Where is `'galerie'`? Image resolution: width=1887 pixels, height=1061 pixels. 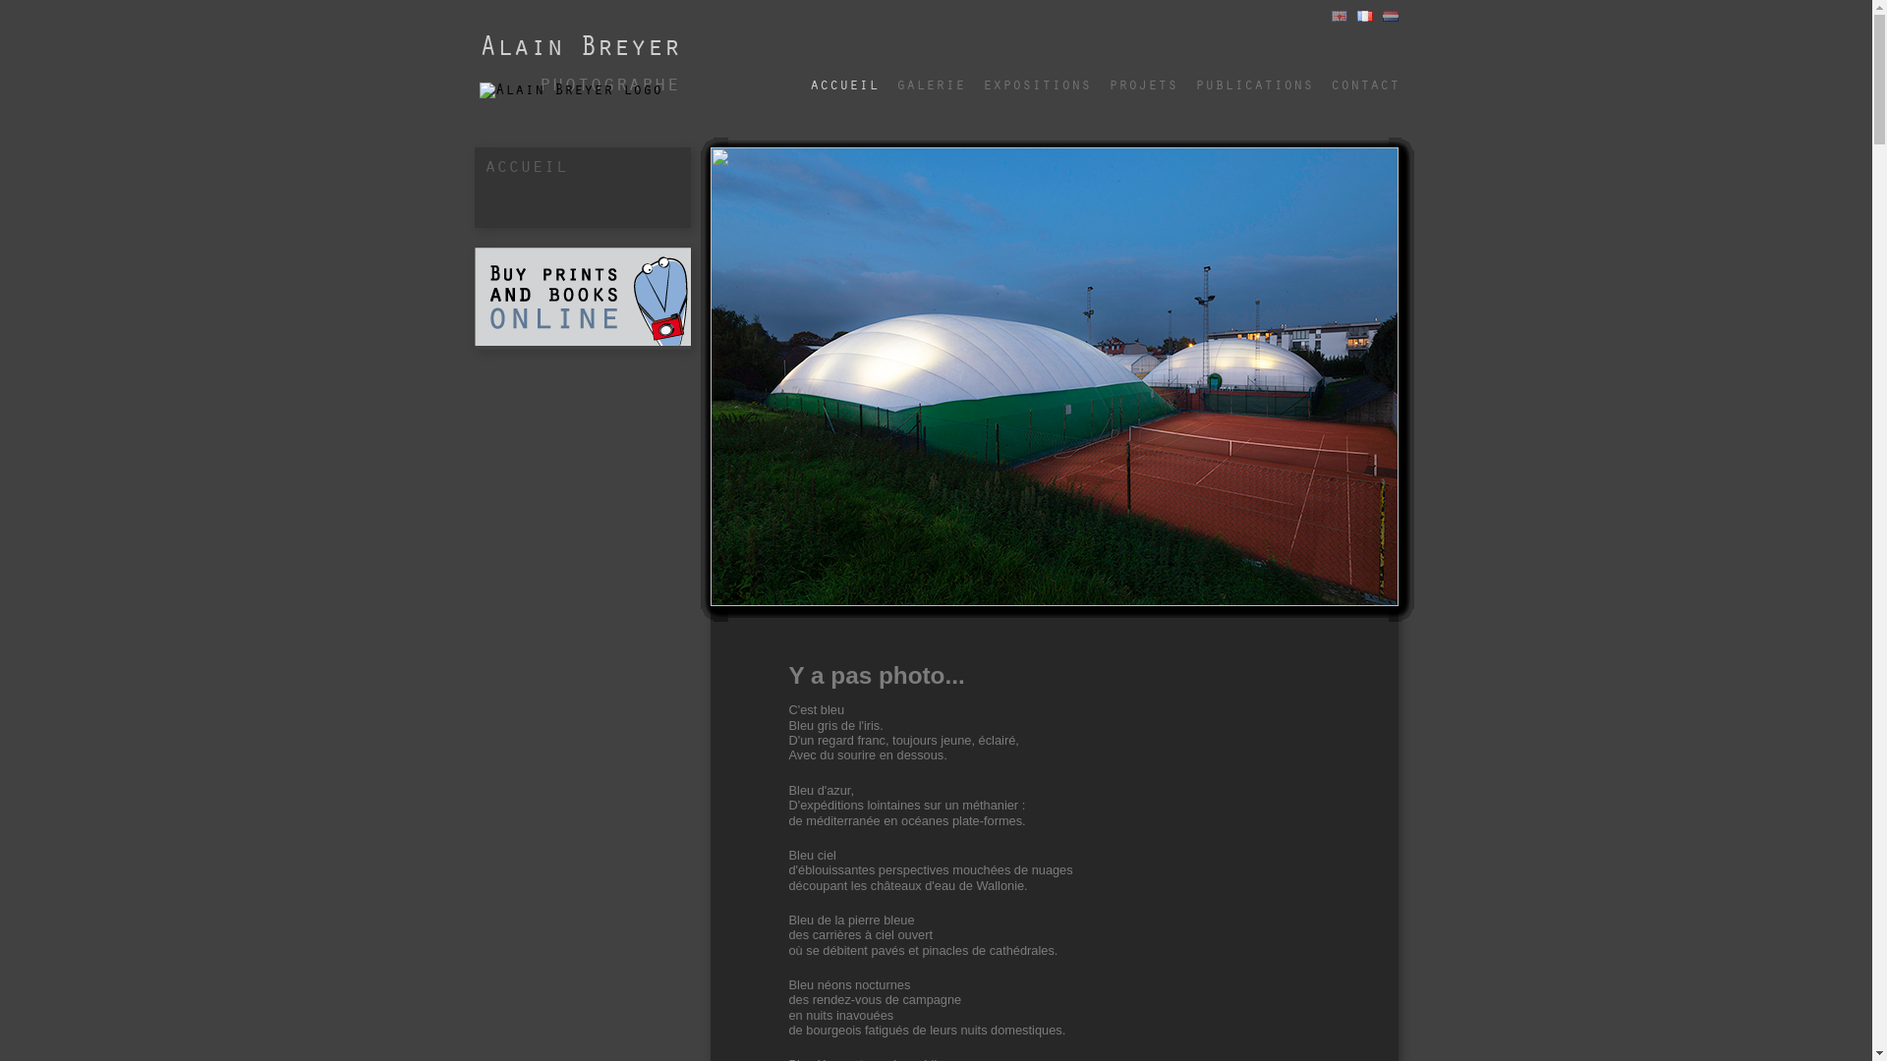 'galerie' is located at coordinates (929, 75).